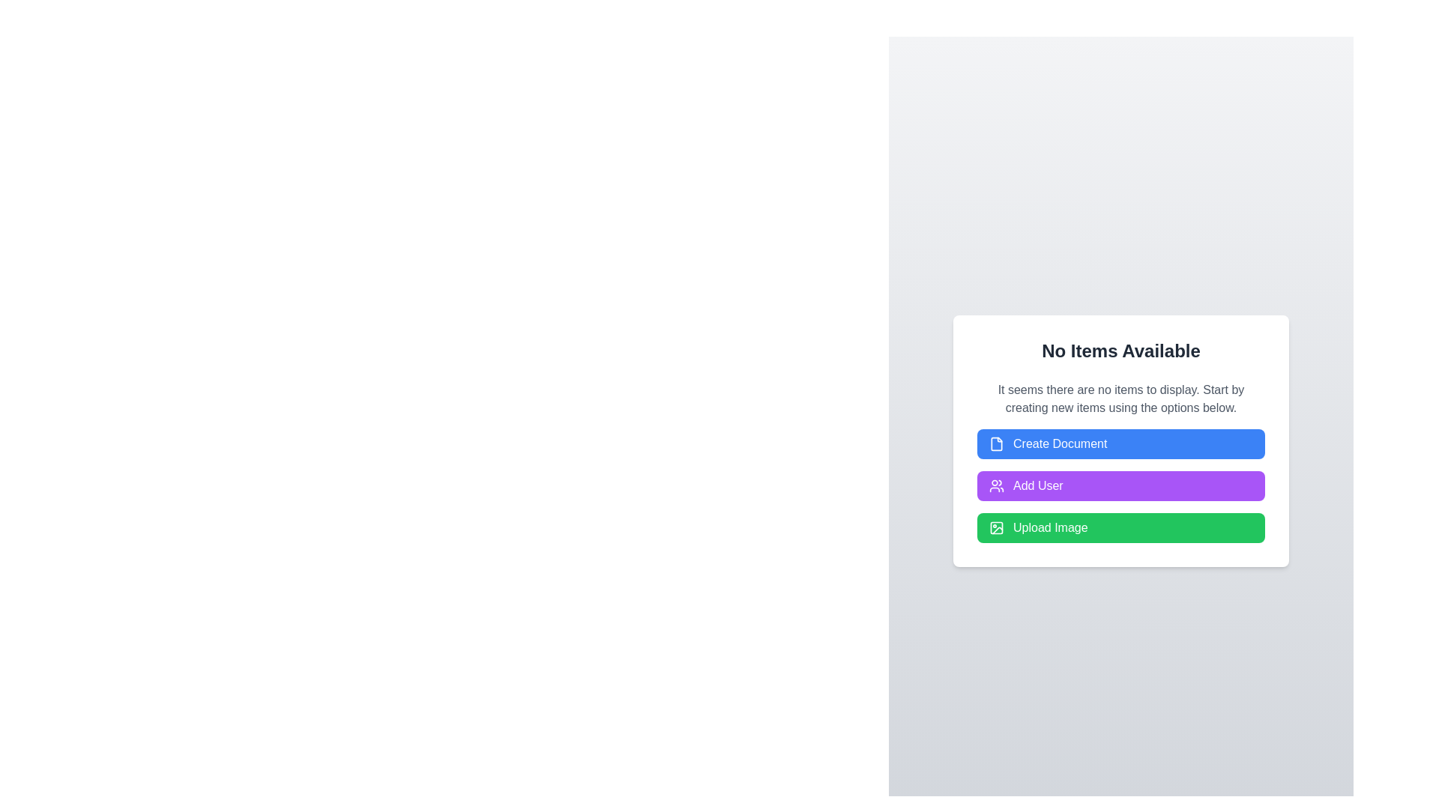 The height and width of the screenshot is (809, 1439). I want to click on the decorative icon next to the 'Create Document' button, which visually indicates the action of creating a document, so click(996, 443).